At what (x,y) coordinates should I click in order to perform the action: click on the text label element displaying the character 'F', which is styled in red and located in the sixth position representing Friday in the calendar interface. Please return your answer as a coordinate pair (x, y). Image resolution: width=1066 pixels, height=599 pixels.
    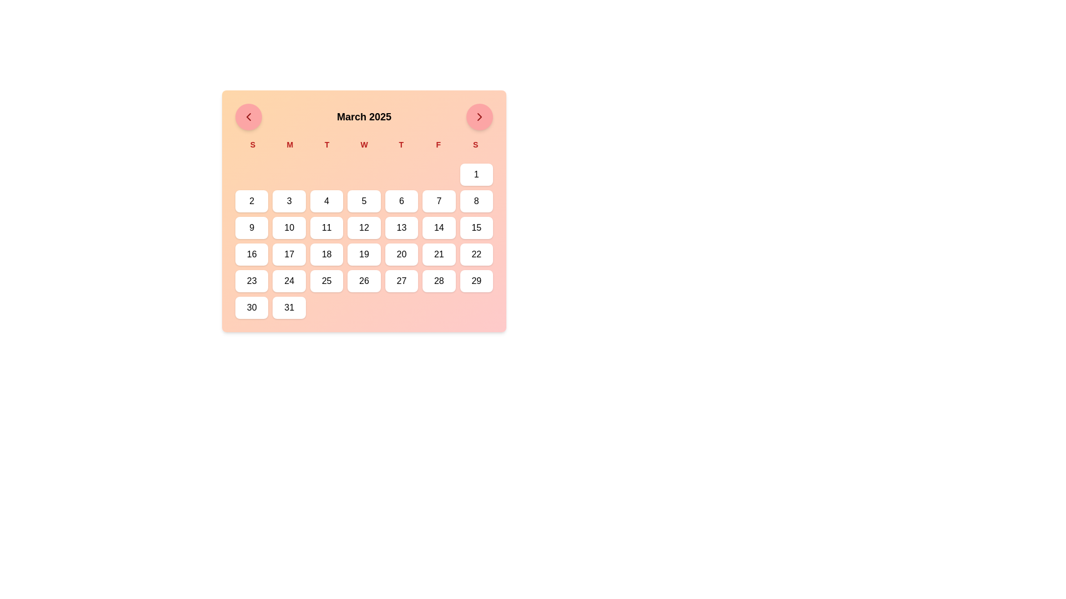
    Looking at the image, I should click on (438, 144).